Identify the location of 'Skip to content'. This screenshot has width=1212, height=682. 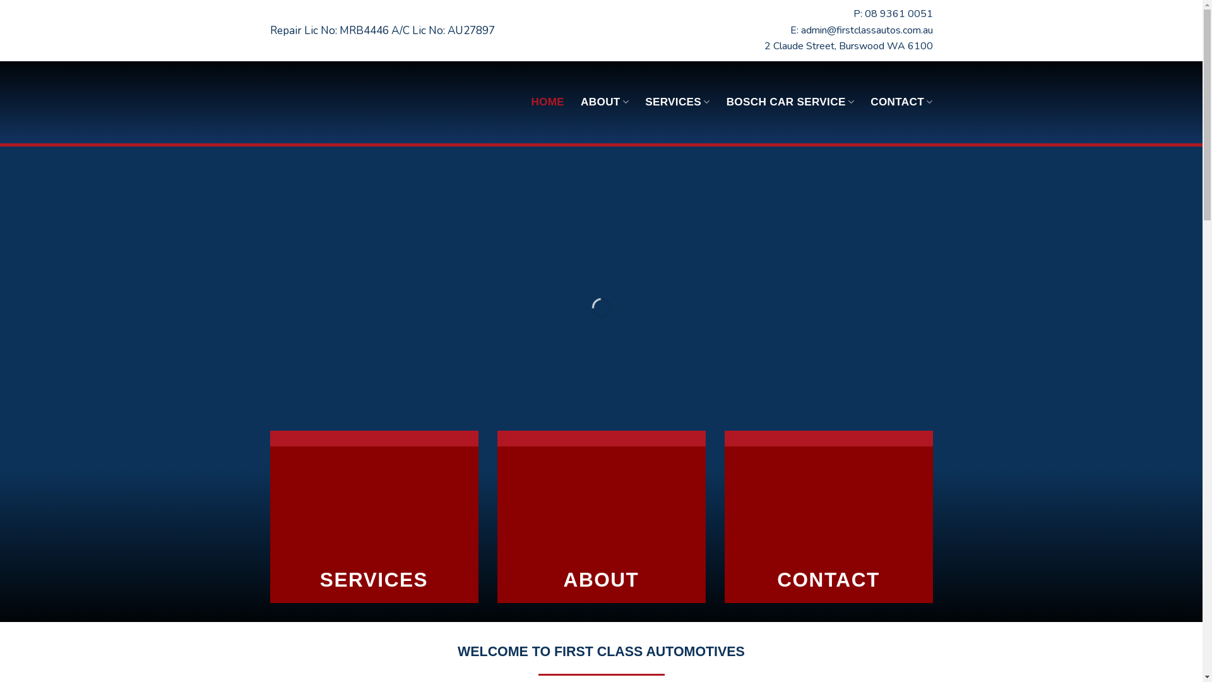
(0, 0).